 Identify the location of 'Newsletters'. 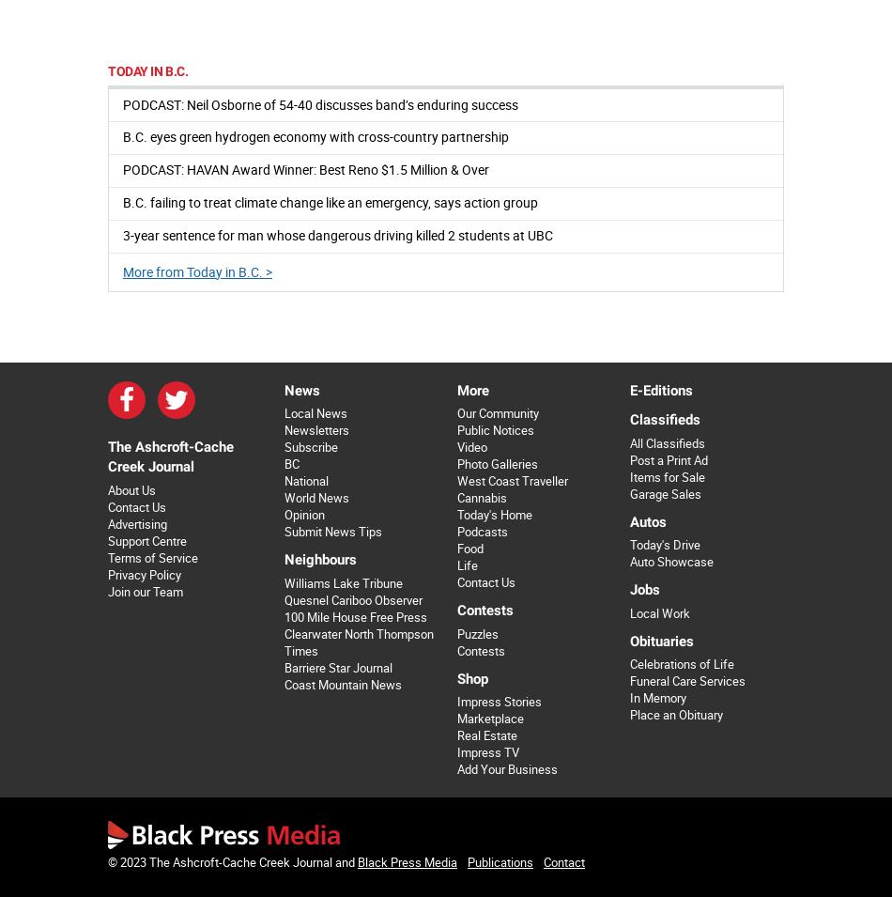
(315, 429).